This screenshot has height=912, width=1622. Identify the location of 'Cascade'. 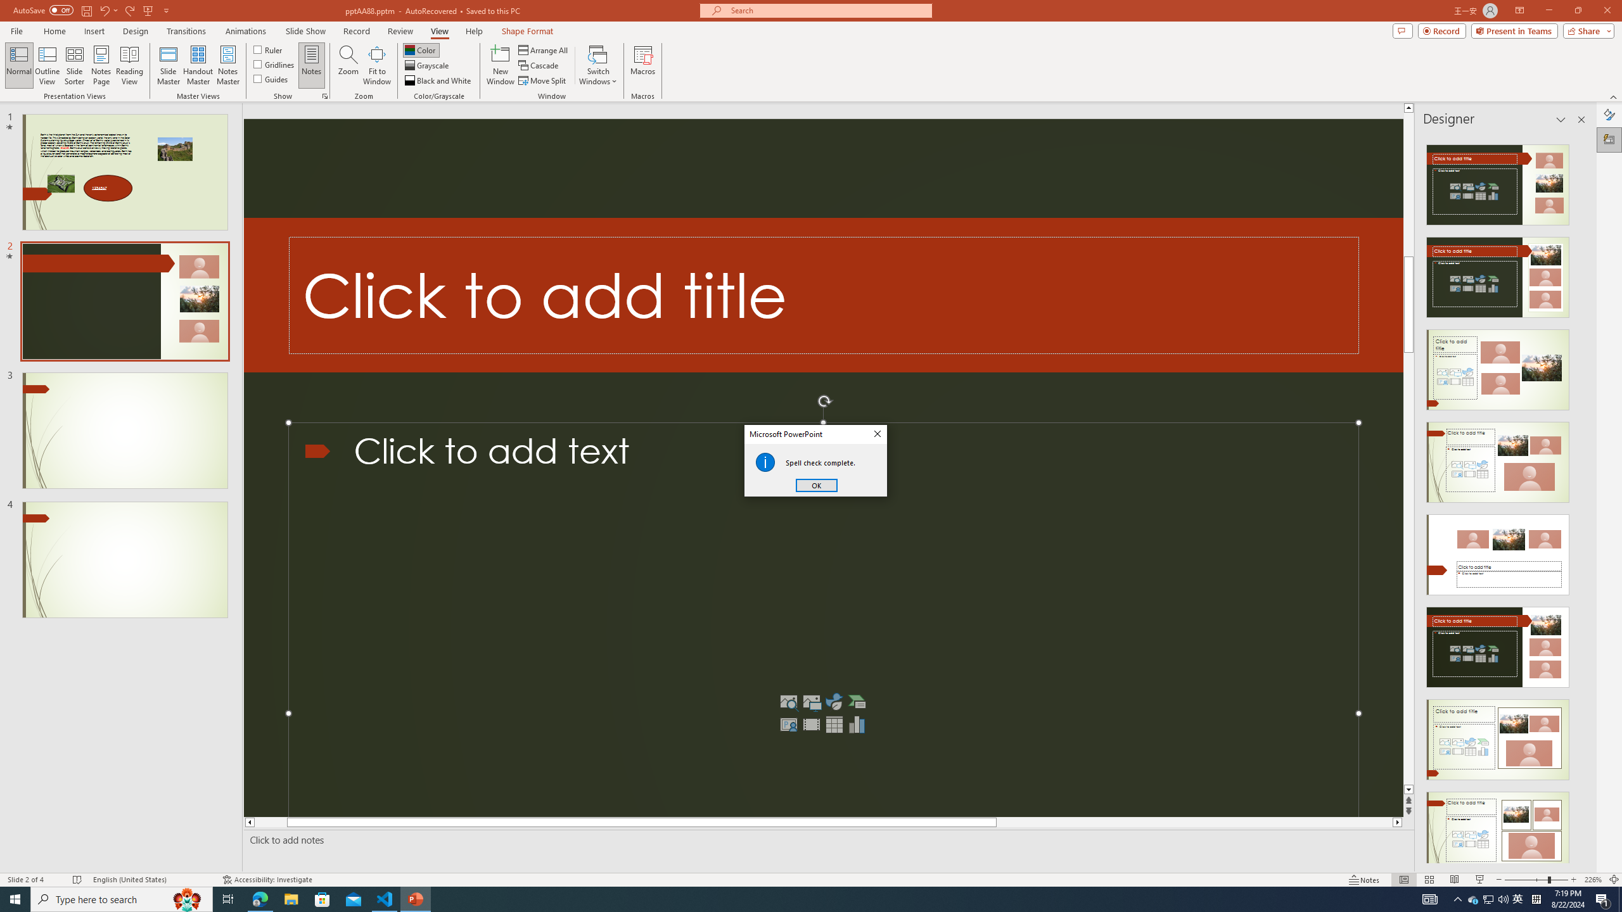
(539, 65).